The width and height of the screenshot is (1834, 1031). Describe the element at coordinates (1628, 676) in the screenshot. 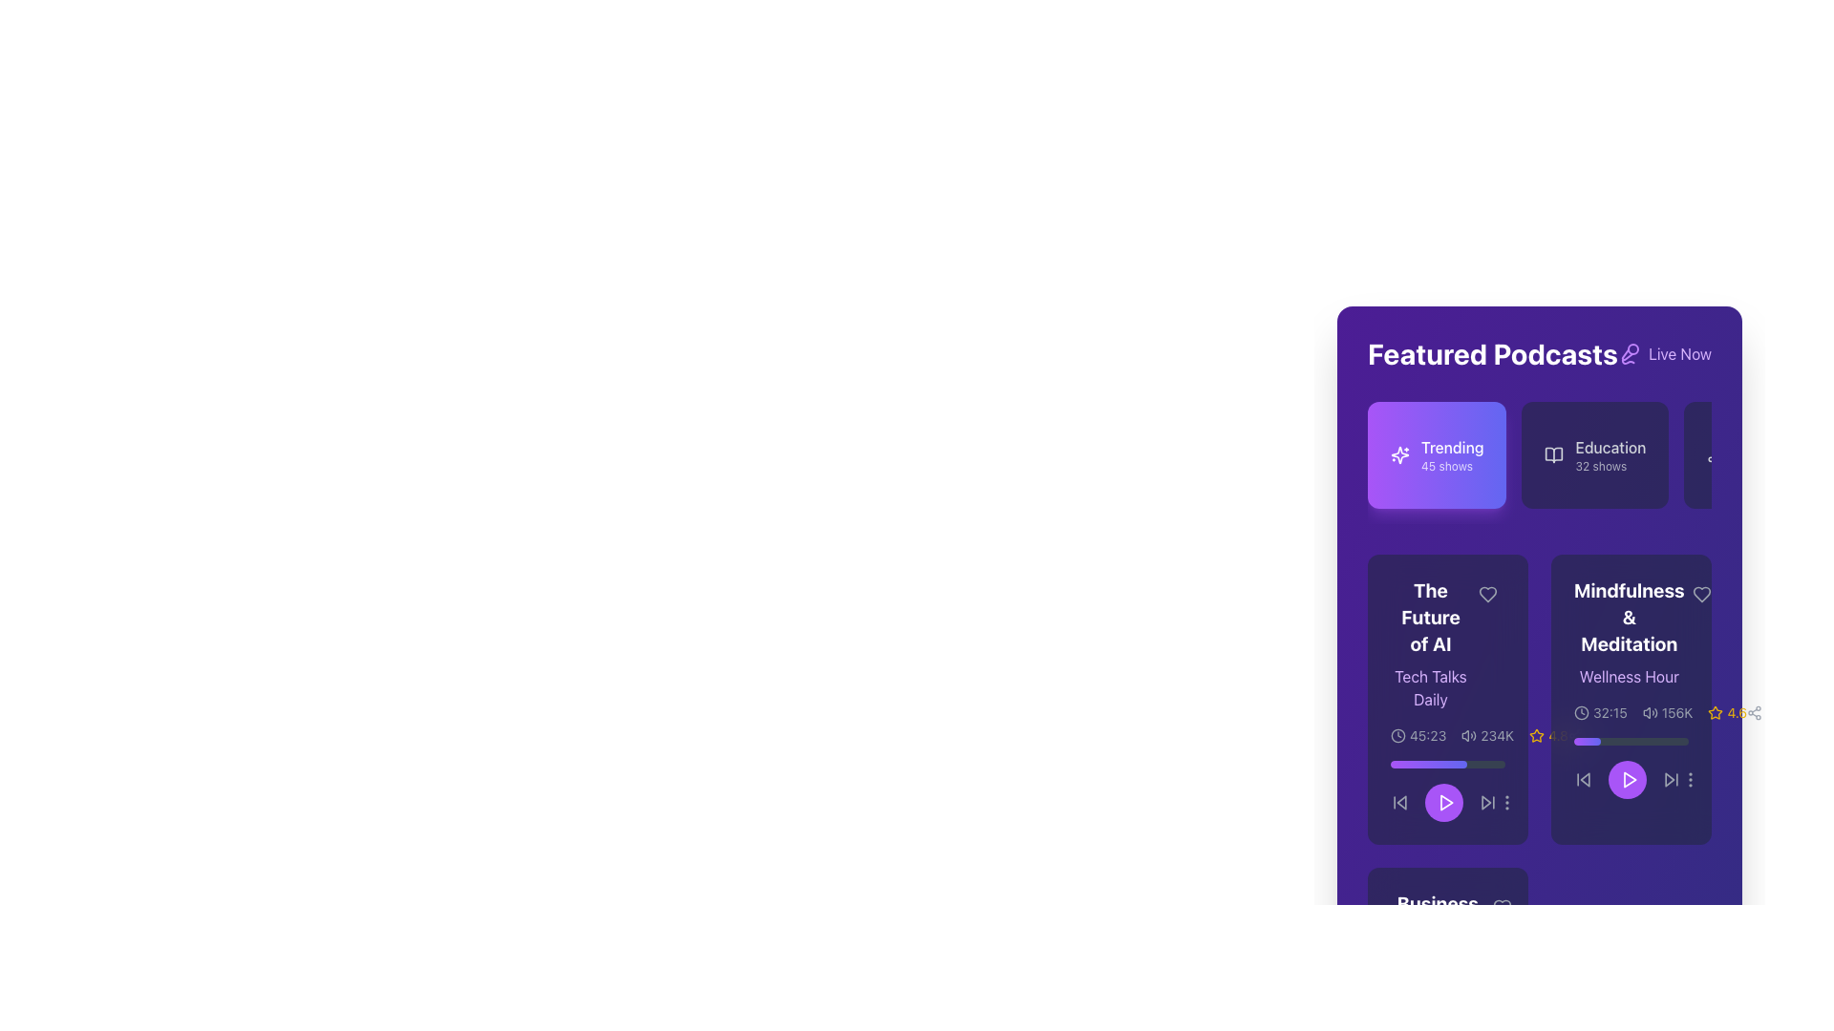

I see `the static text element located below the 'Mindfulness & Meditation' label in the 'Featured Podcasts' section of the card` at that location.